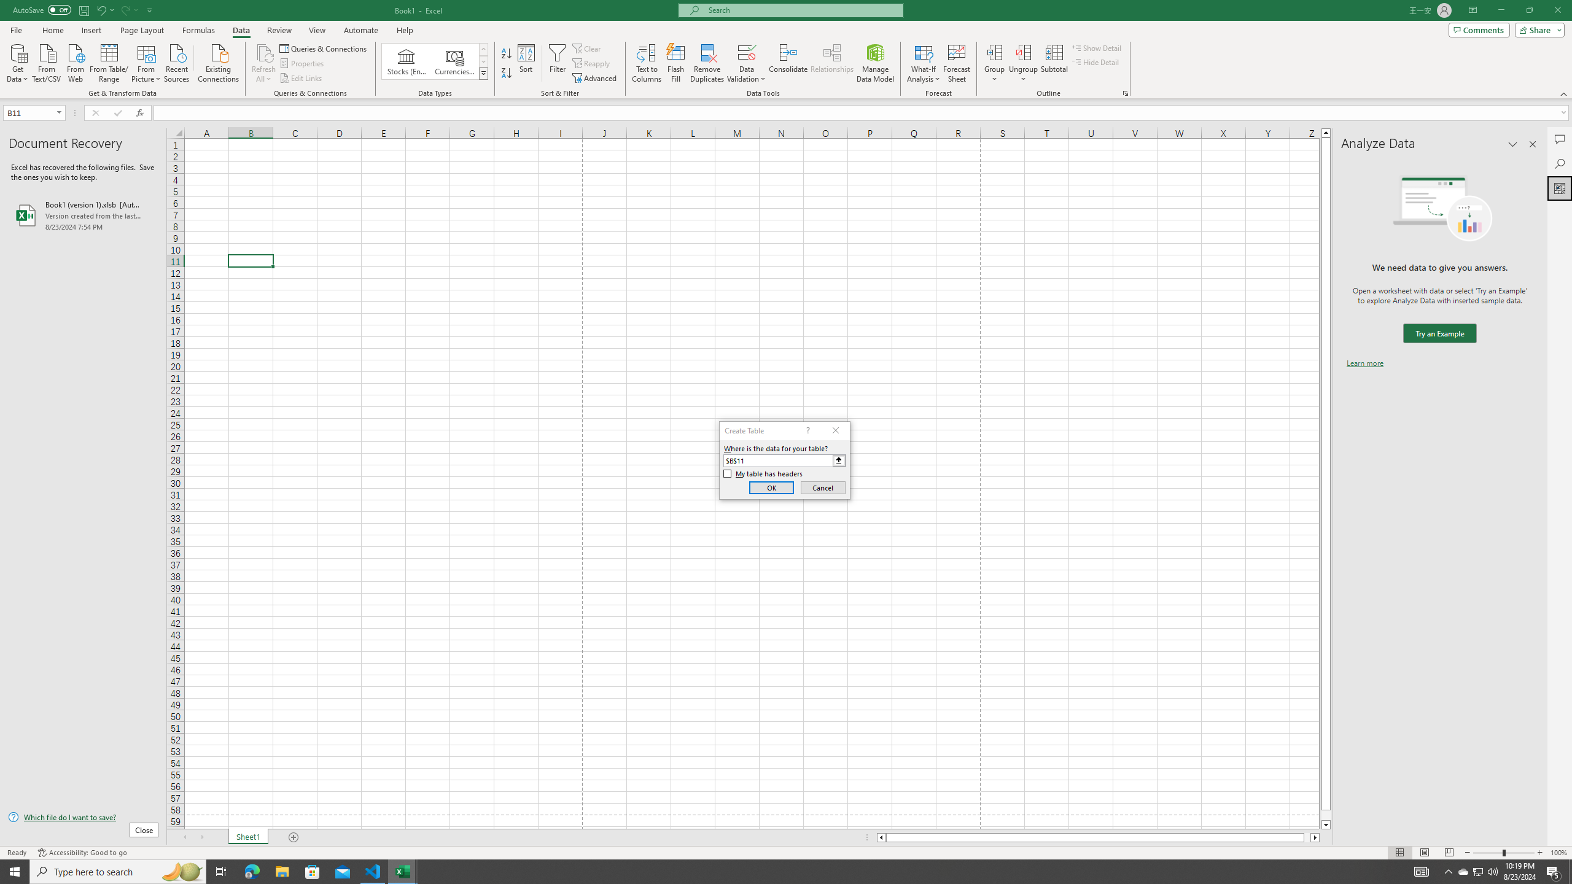 This screenshot has height=884, width=1572. Describe the element at coordinates (707, 63) in the screenshot. I see `'Remove Duplicates'` at that location.